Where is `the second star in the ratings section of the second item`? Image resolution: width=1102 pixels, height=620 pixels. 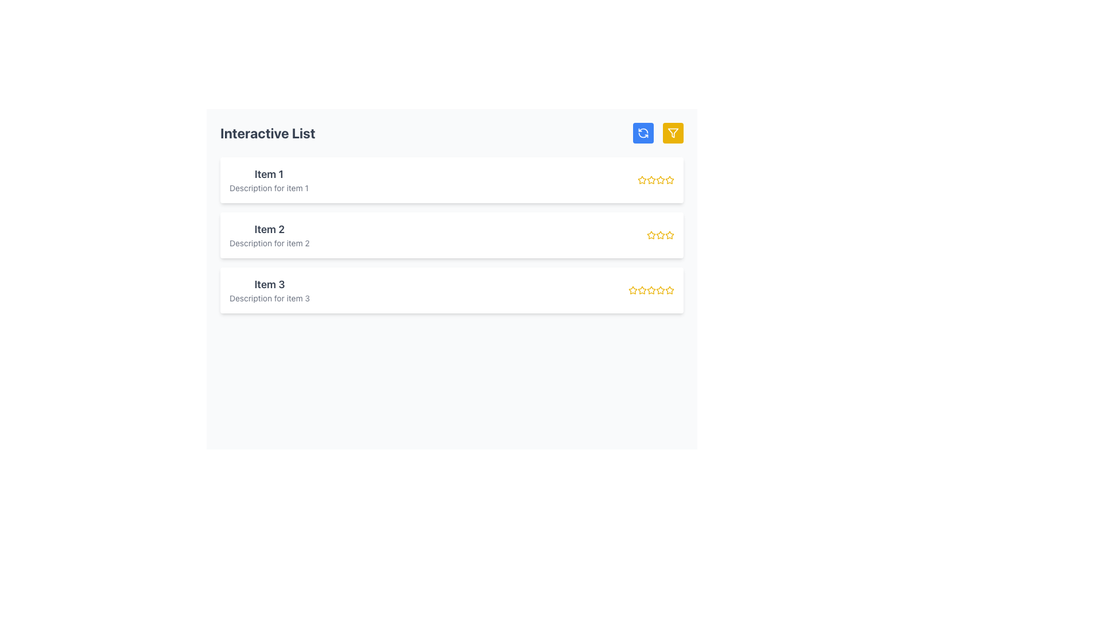
the second star in the ratings section of the second item is located at coordinates (651, 234).